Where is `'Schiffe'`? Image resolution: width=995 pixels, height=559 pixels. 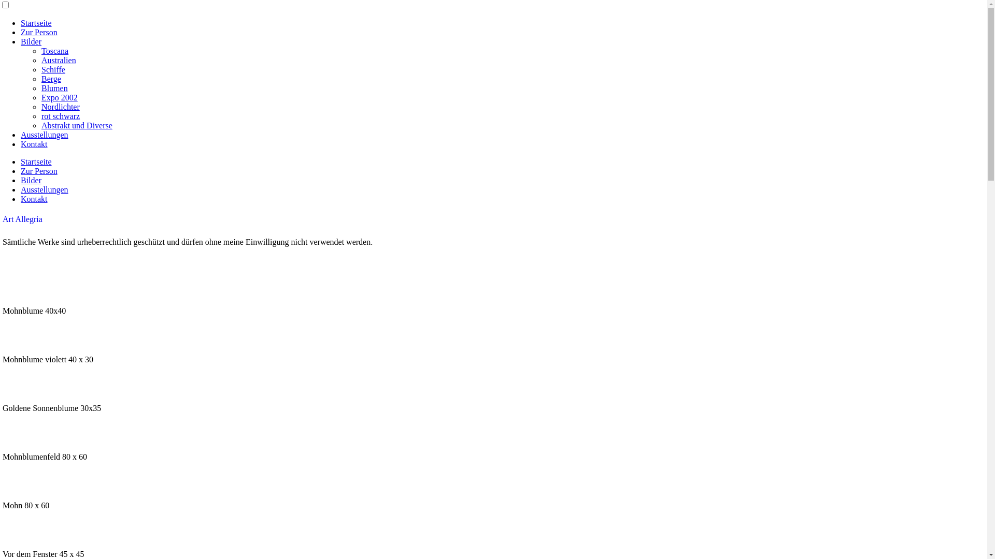 'Schiffe' is located at coordinates (52, 69).